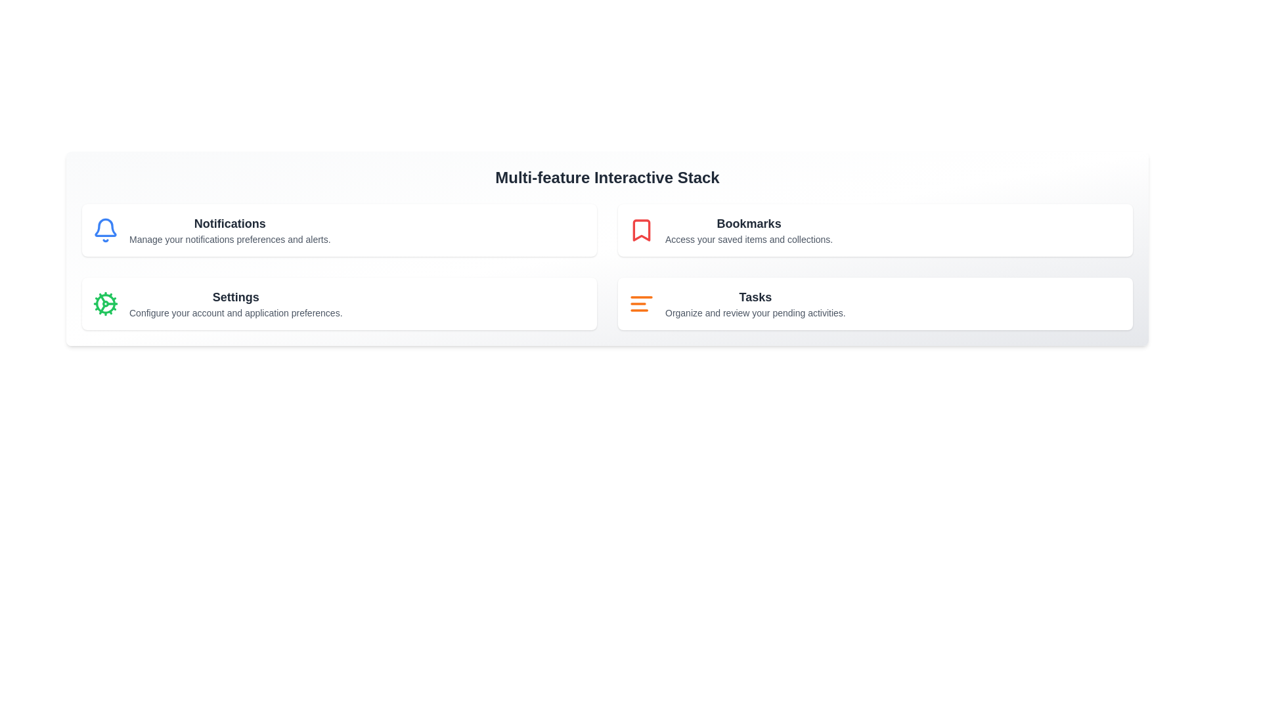  I want to click on the descriptive text element titled 'Tasks' that provides a brief explanation of organizing and reviewing pending activities, located in the center of the third box in the right column of a two-row grid under 'Multi-feature Interactive Stack', so click(755, 303).